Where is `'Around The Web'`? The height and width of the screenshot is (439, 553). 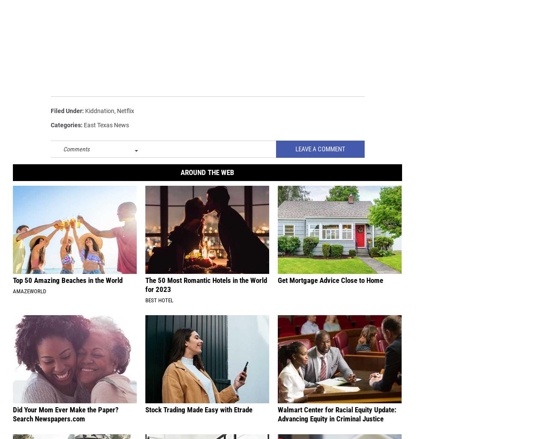 'Around The Web' is located at coordinates (206, 172).